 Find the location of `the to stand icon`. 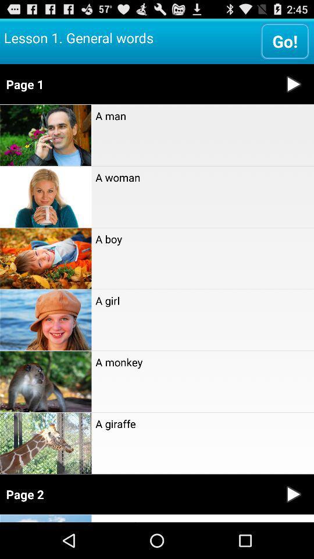

the to stand icon is located at coordinates (202, 518).